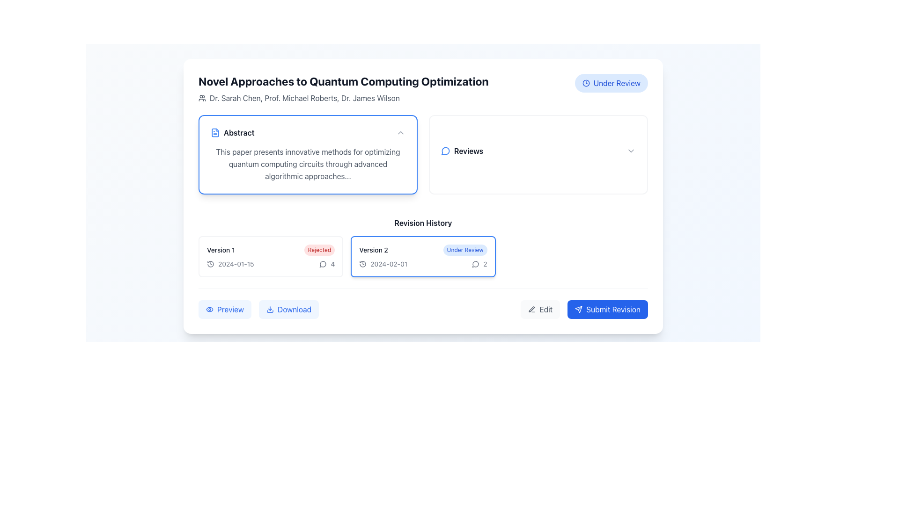 The height and width of the screenshot is (505, 899). I want to click on the version within the 'Revision History' section, so click(422, 241).